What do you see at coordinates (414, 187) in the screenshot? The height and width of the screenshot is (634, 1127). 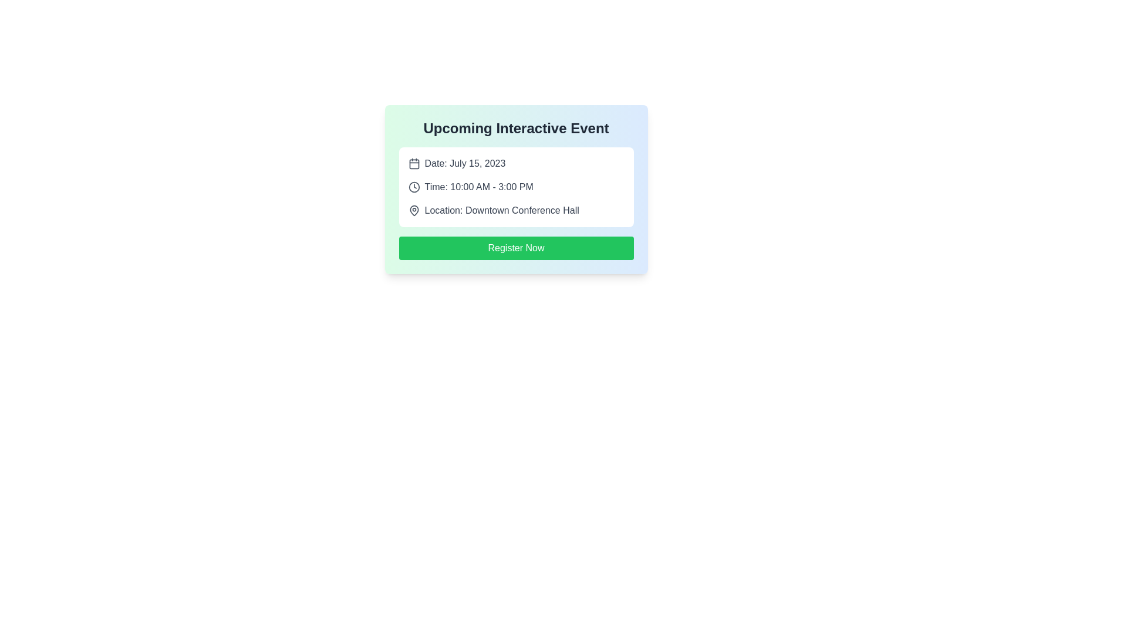 I see `the clock icon, which is a gray graphical representation with tick marks, located to the left of the text 'Time: 10:00 AM - 3:00 PM'` at bounding box center [414, 187].